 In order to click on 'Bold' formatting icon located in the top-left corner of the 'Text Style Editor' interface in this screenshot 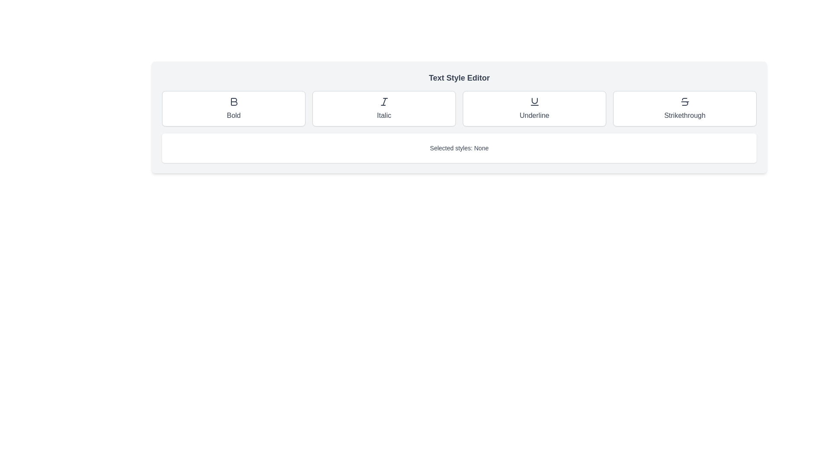, I will do `click(234, 101)`.